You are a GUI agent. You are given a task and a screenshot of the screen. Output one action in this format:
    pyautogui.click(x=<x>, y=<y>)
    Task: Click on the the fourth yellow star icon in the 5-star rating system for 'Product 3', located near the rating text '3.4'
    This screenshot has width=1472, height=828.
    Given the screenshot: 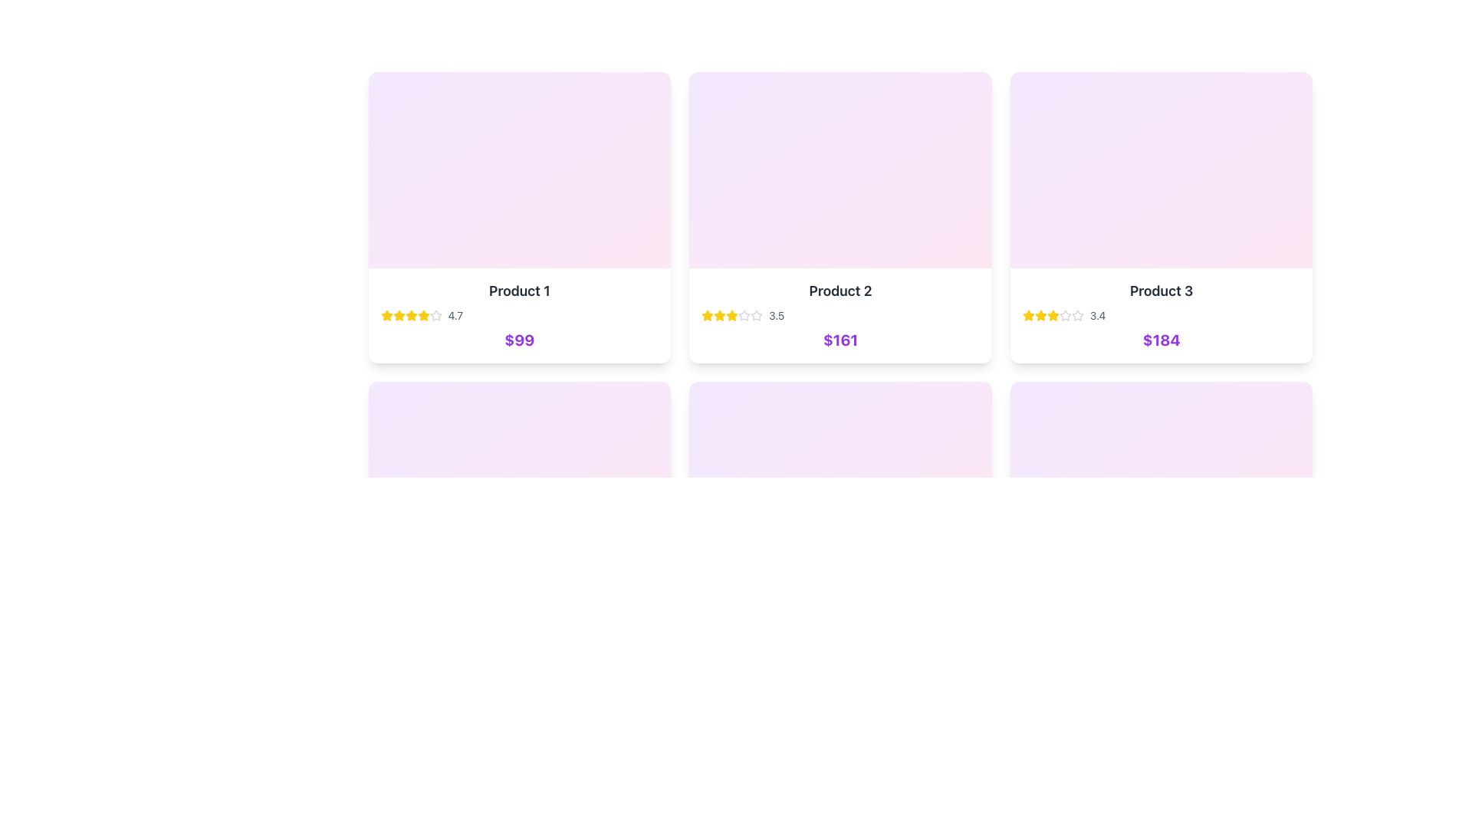 What is the action you would take?
    pyautogui.click(x=1052, y=315)
    